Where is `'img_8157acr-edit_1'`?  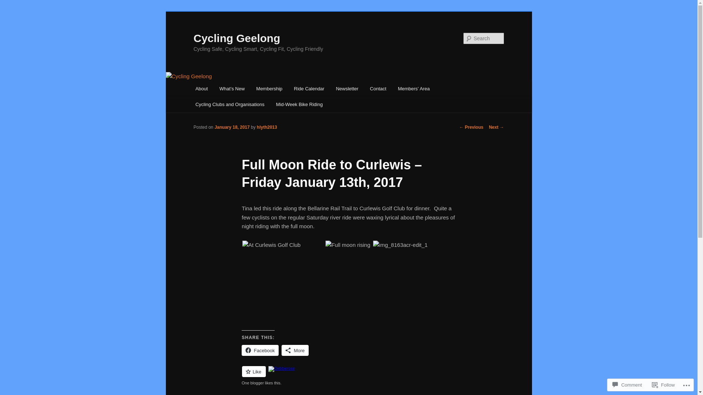
'img_8157acr-edit_1' is located at coordinates (271, 245).